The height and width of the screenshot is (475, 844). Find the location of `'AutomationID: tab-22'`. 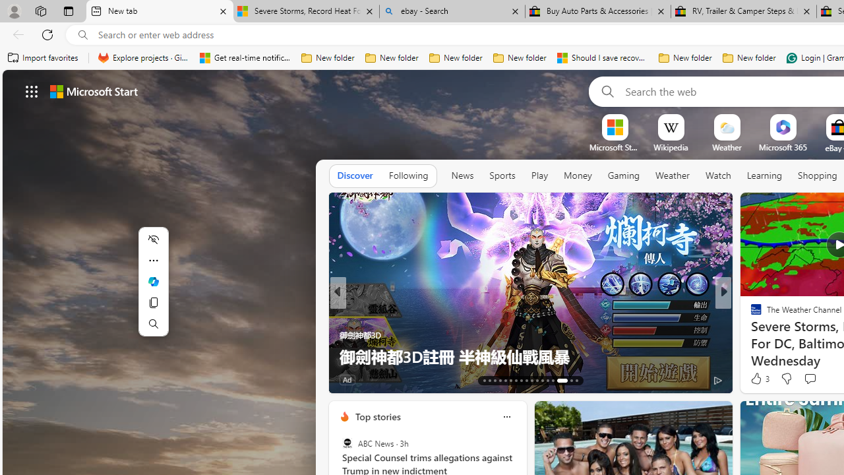

'AutomationID: tab-22' is located at coordinates (532, 381).